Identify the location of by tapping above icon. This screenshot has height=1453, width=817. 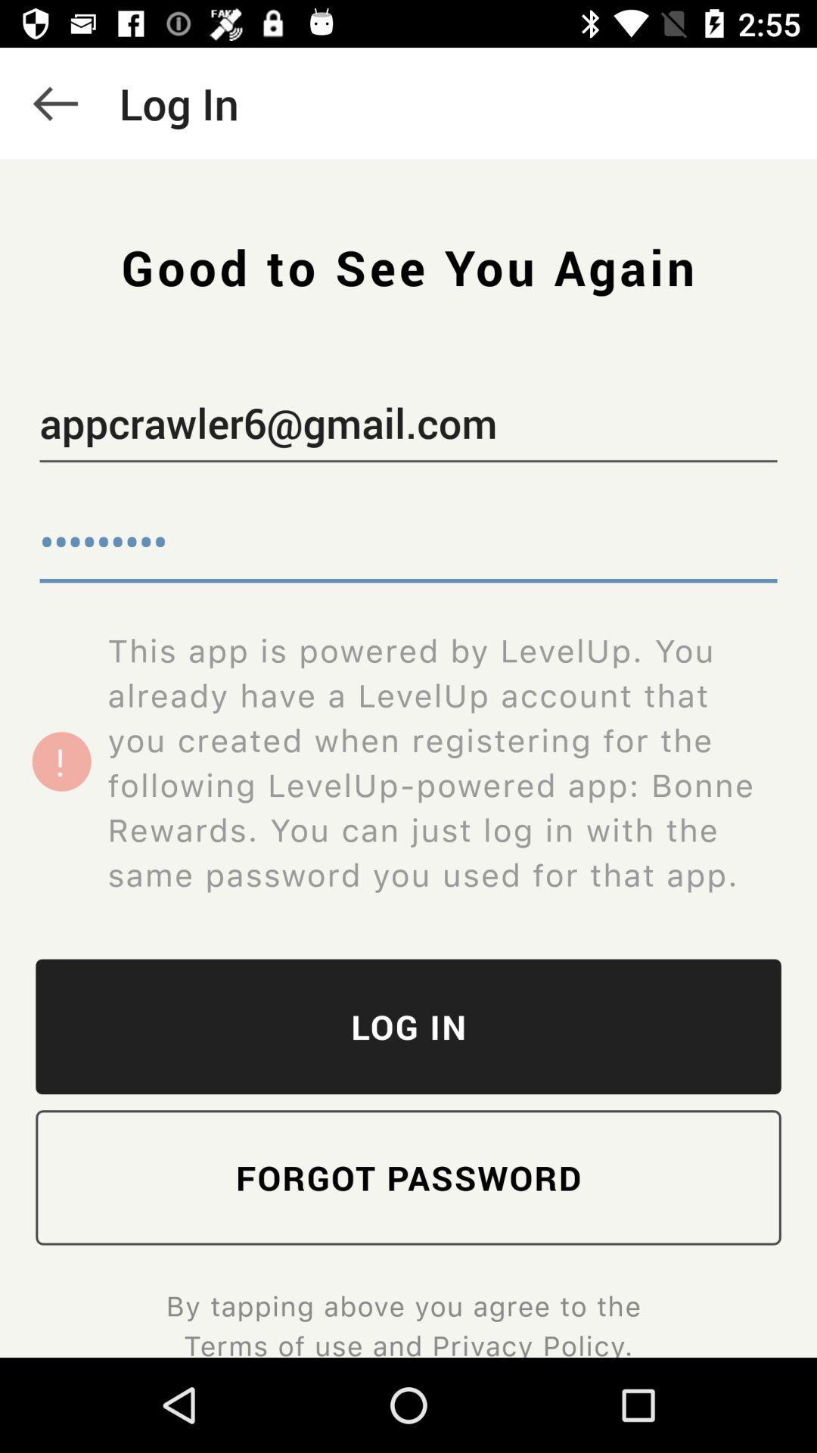
(407, 1321).